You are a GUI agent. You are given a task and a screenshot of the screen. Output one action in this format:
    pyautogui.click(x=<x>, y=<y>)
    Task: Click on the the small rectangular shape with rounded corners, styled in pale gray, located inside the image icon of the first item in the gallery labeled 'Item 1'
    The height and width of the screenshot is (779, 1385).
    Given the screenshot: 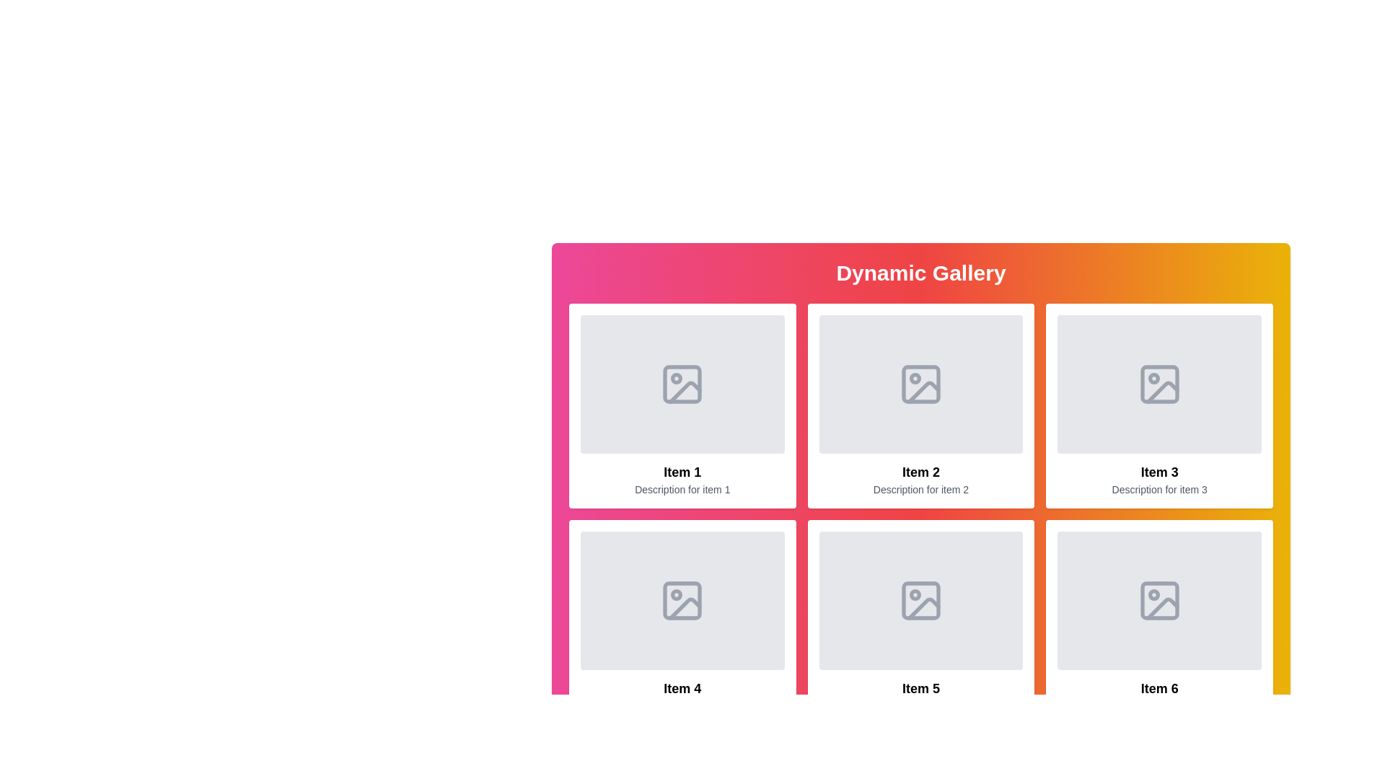 What is the action you would take?
    pyautogui.click(x=682, y=383)
    